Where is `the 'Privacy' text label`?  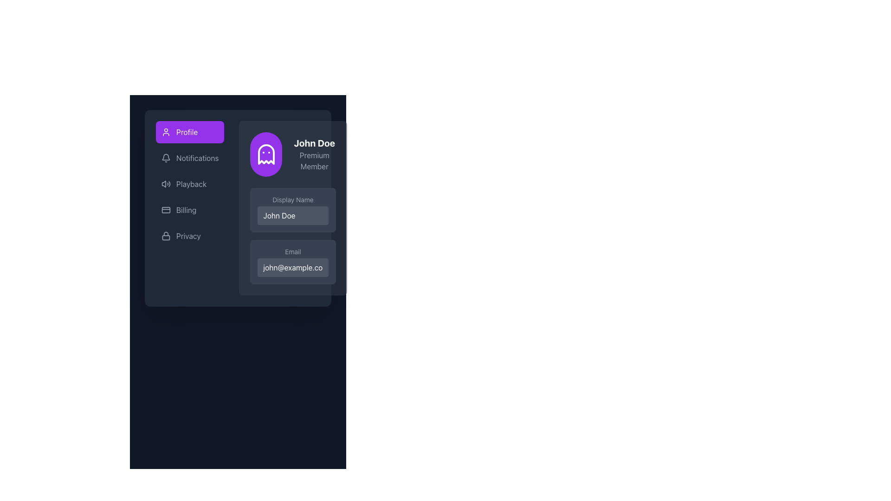
the 'Privacy' text label is located at coordinates (188, 236).